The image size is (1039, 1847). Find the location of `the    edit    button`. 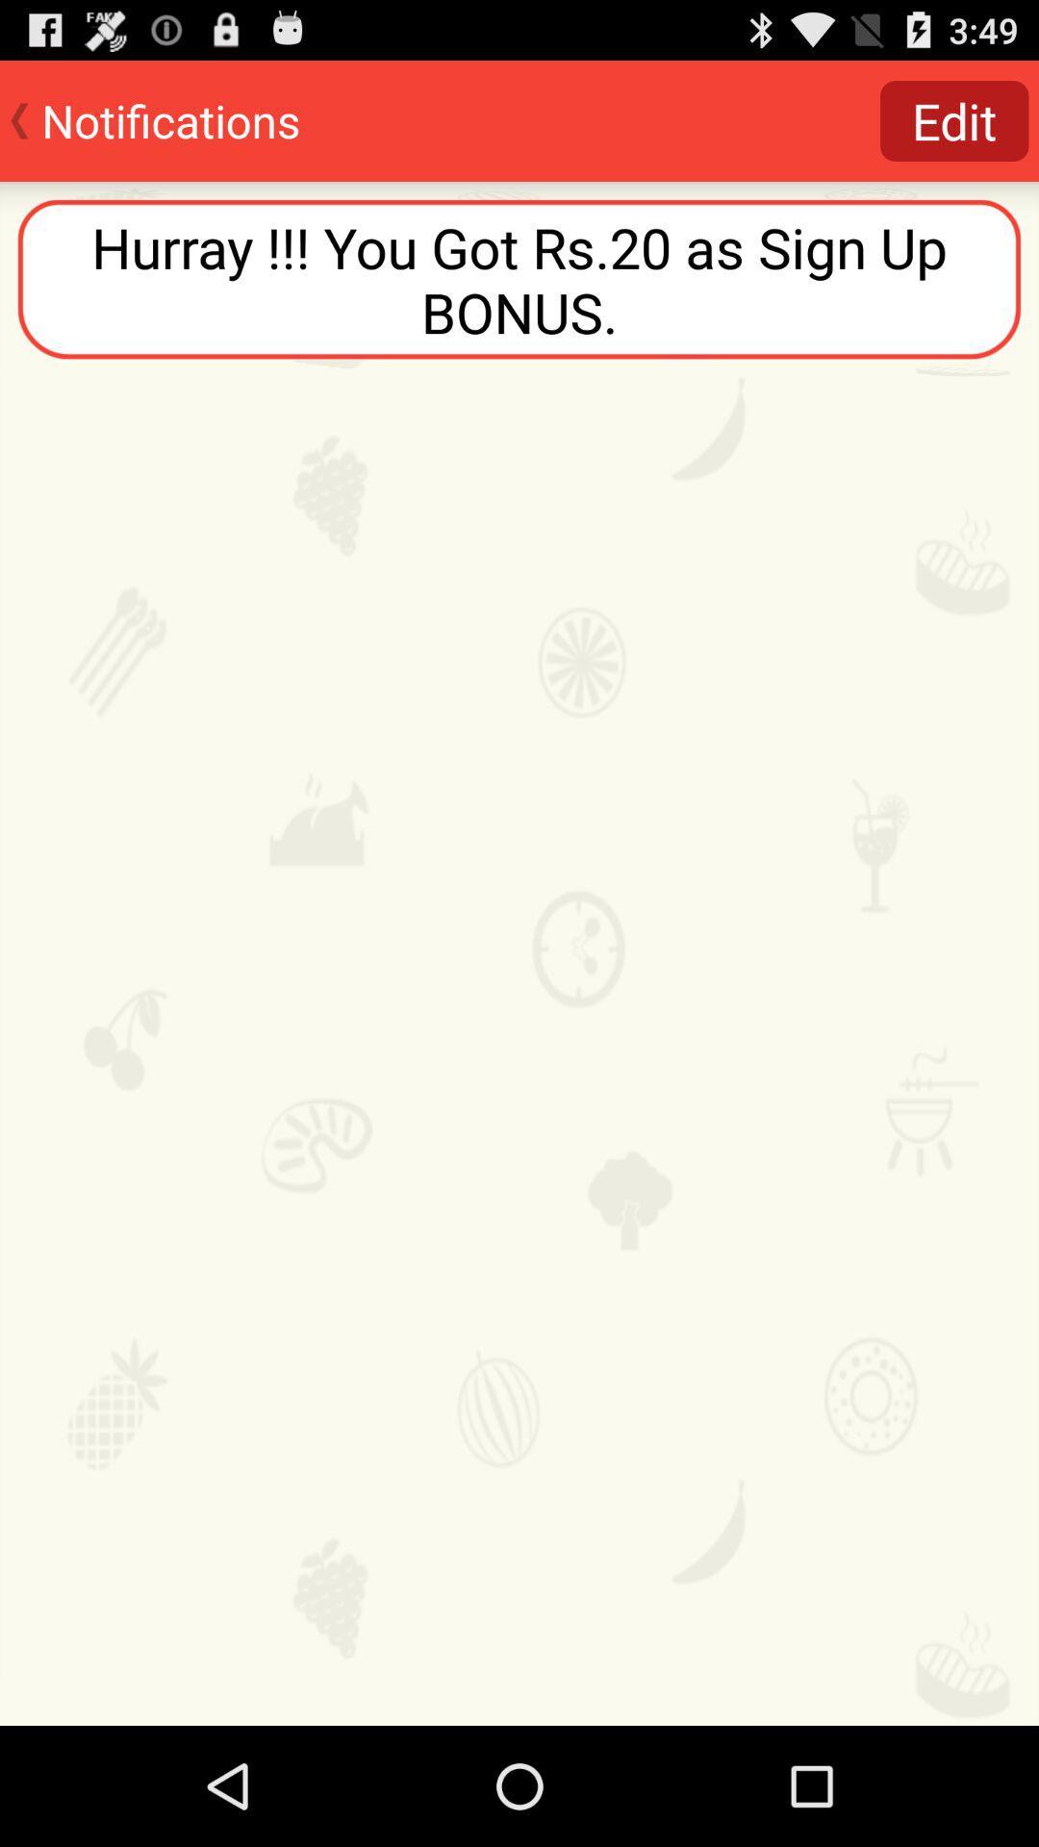

the    edit    button is located at coordinates (954, 119).